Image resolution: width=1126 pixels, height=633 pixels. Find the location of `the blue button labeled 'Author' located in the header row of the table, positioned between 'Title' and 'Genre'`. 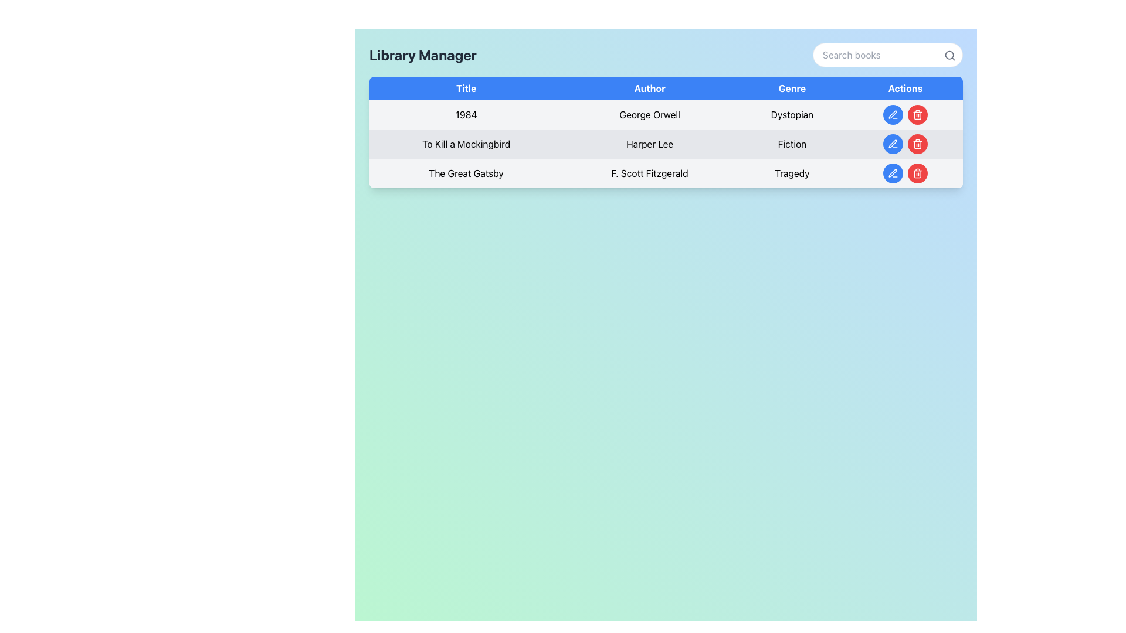

the blue button labeled 'Author' located in the header row of the table, positioned between 'Title' and 'Genre' is located at coordinates (649, 87).